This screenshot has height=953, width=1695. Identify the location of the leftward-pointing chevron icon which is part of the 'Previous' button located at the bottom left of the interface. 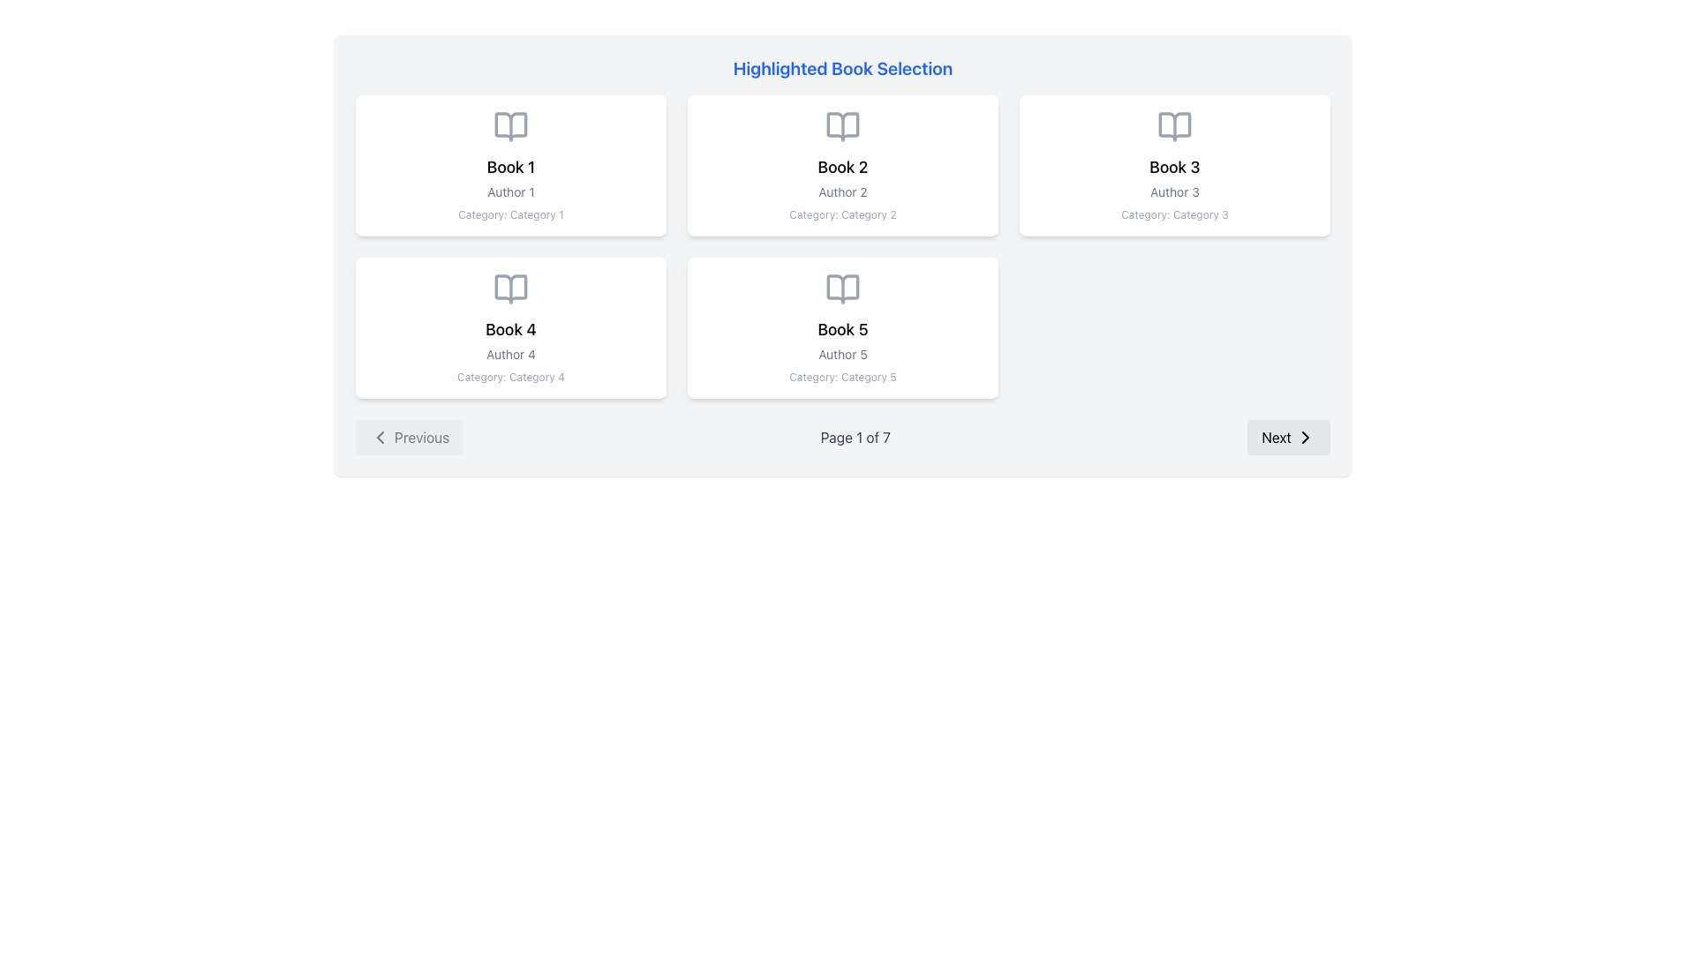
(380, 437).